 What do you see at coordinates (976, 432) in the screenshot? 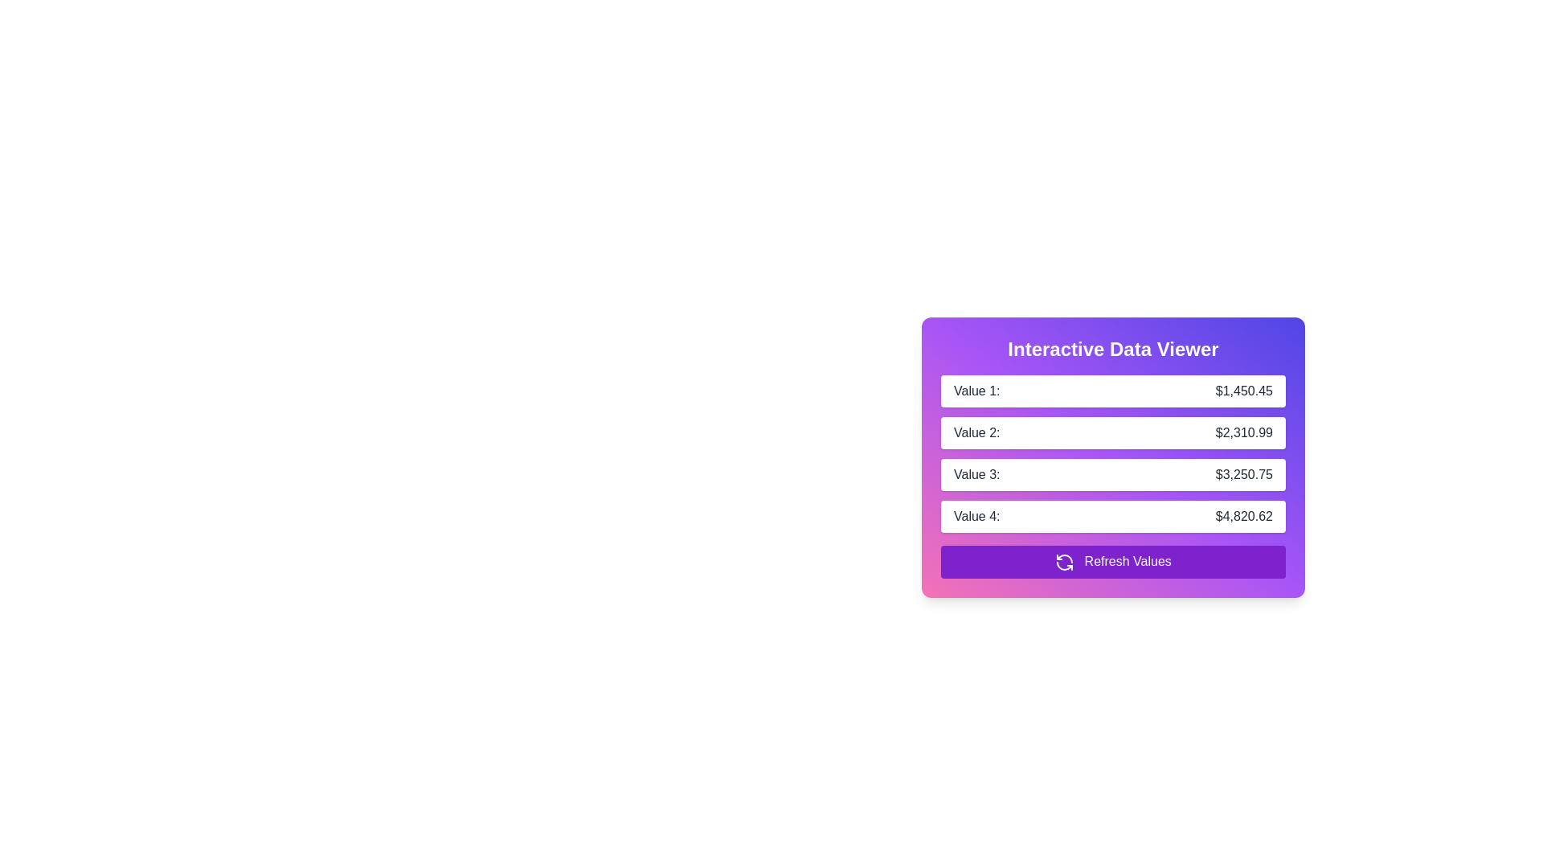
I see `the static text label displaying 'Value 2:' which is presented in bold, black text and is part of a card interface, located directly to the left of the value '$2,310.99'` at bounding box center [976, 432].